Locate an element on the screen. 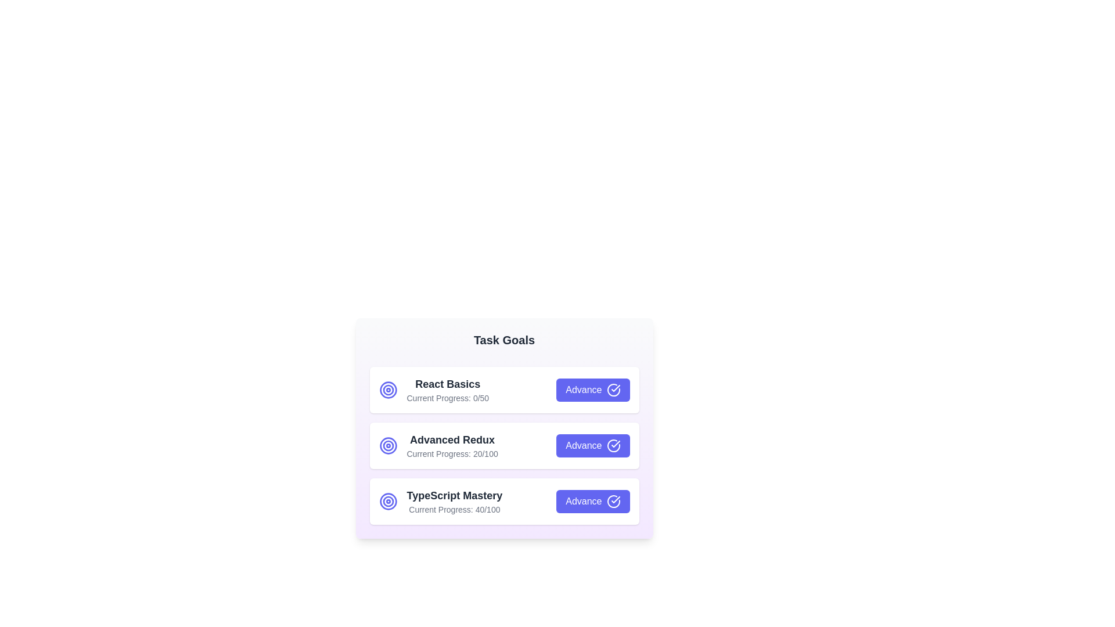 Image resolution: width=1115 pixels, height=627 pixels. the 'Advance' button with a purple background located in the second row of the 'Advanced Redux' task card is located at coordinates (593, 445).